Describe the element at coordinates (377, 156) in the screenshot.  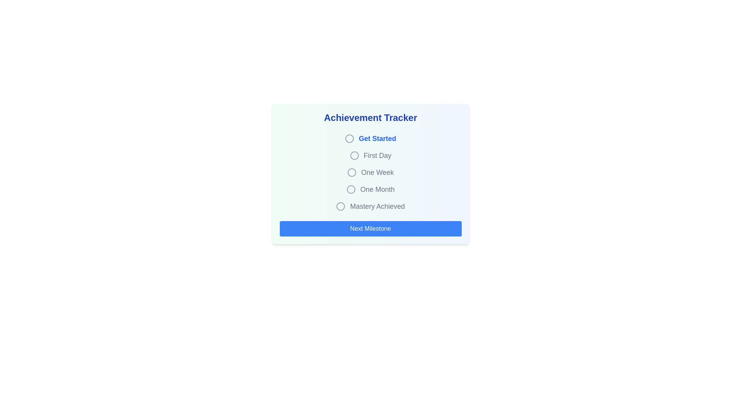
I see `the text label reading 'First Day', which is styled with a light gray font and is the second item in the 'Achievement Tracker' group` at that location.